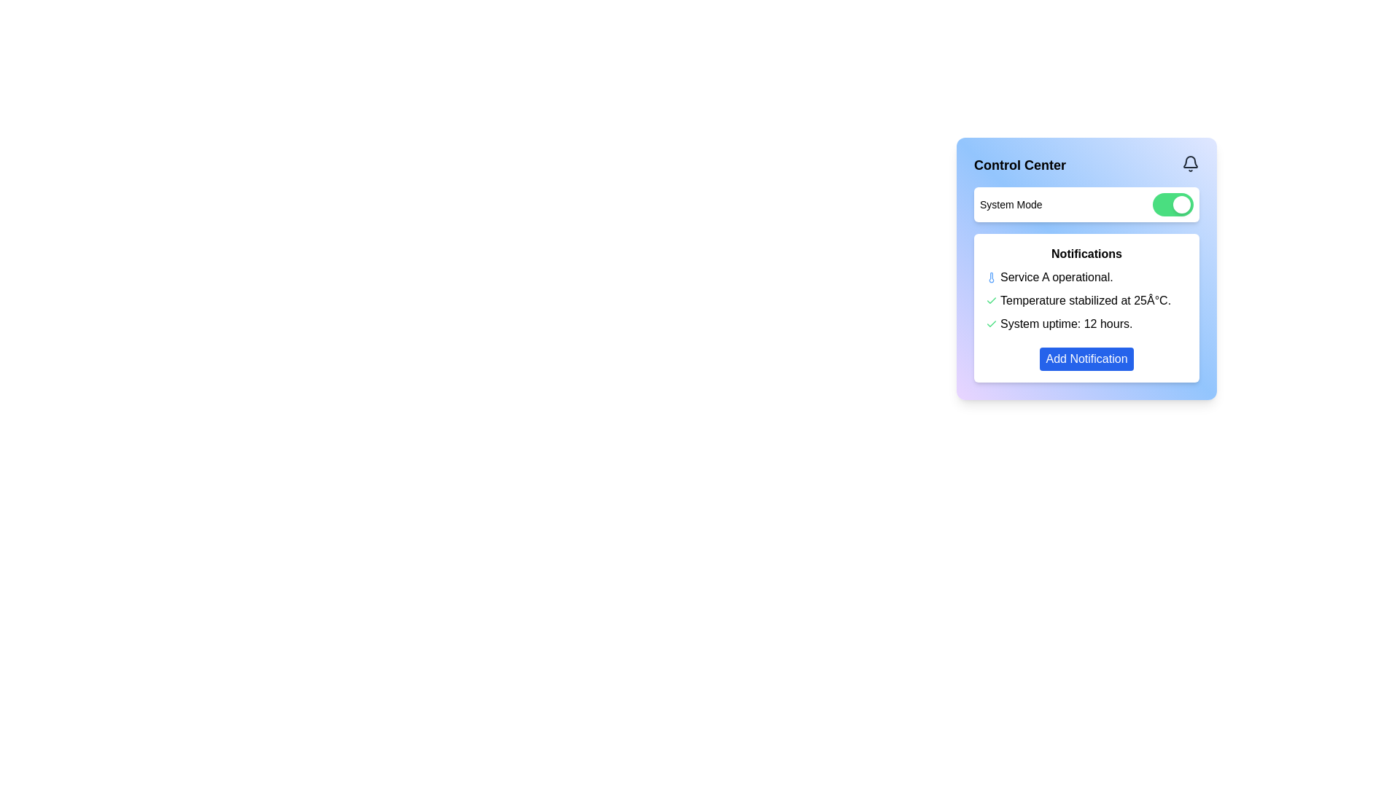  I want to click on status update message from the Text label indicating the operational status of 'Service A', located in the Notifications section of the Control Center interface, so click(1086, 278).